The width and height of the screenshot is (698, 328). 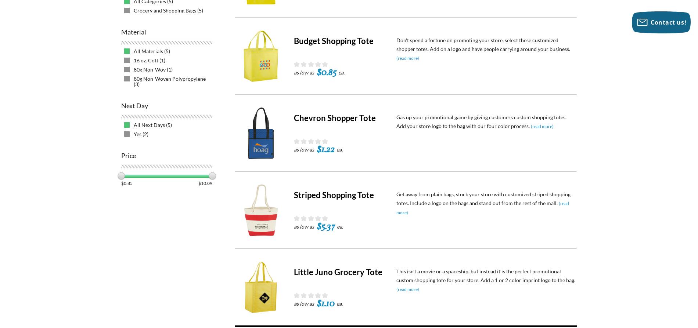 I want to click on 'Grocery and Shopping Bags (5)', so click(x=168, y=10).